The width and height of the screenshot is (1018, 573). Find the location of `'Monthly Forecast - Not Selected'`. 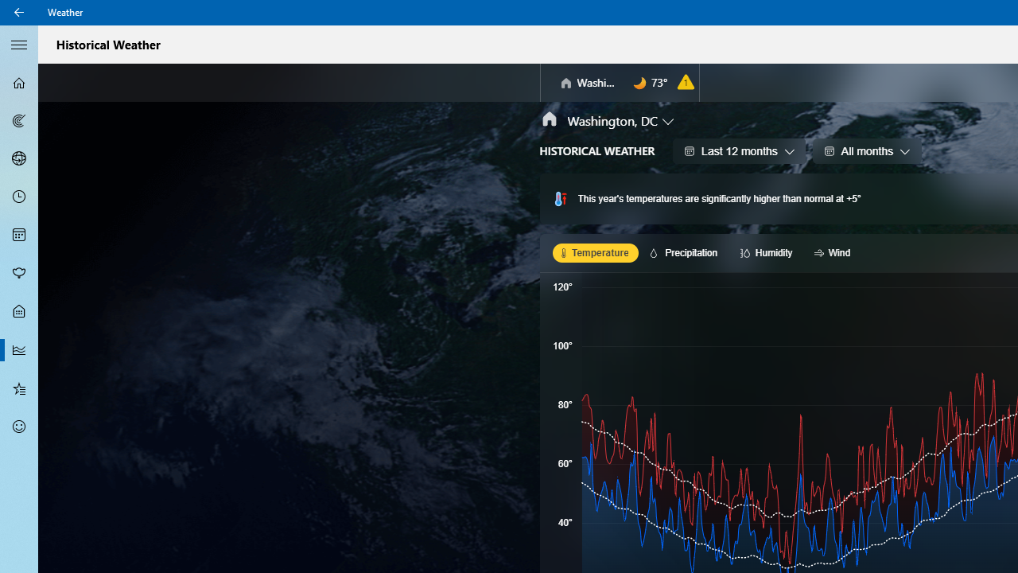

'Monthly Forecast - Not Selected' is located at coordinates (19, 235).